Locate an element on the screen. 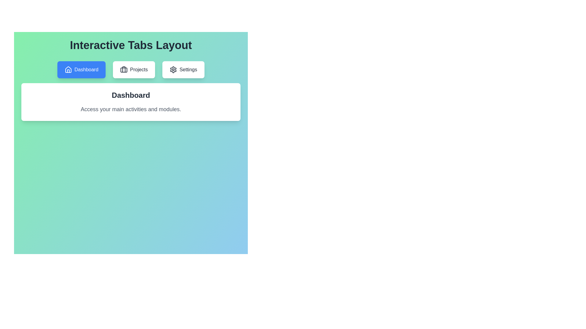 The width and height of the screenshot is (586, 329). the tab labeled Dashboard to observe its hover effect is located at coordinates (81, 69).